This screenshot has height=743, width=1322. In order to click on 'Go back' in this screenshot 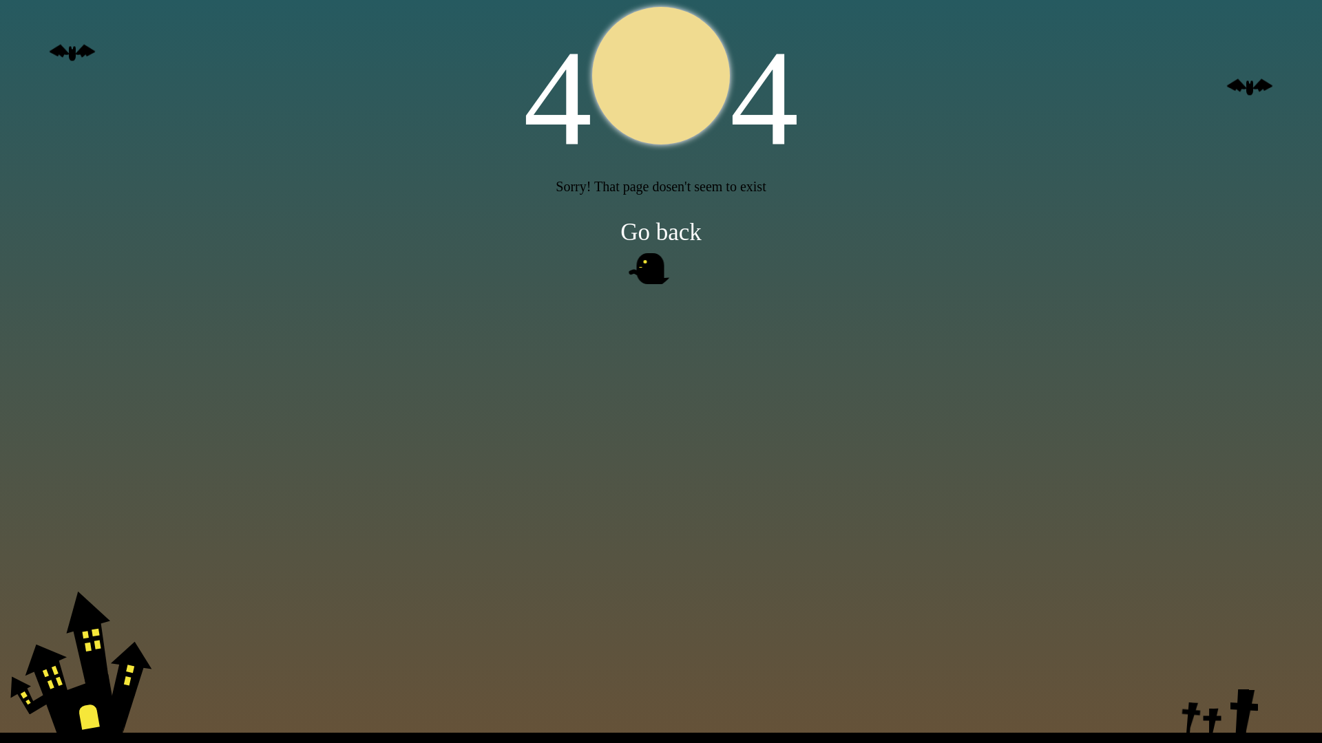, I will do `click(661, 230)`.